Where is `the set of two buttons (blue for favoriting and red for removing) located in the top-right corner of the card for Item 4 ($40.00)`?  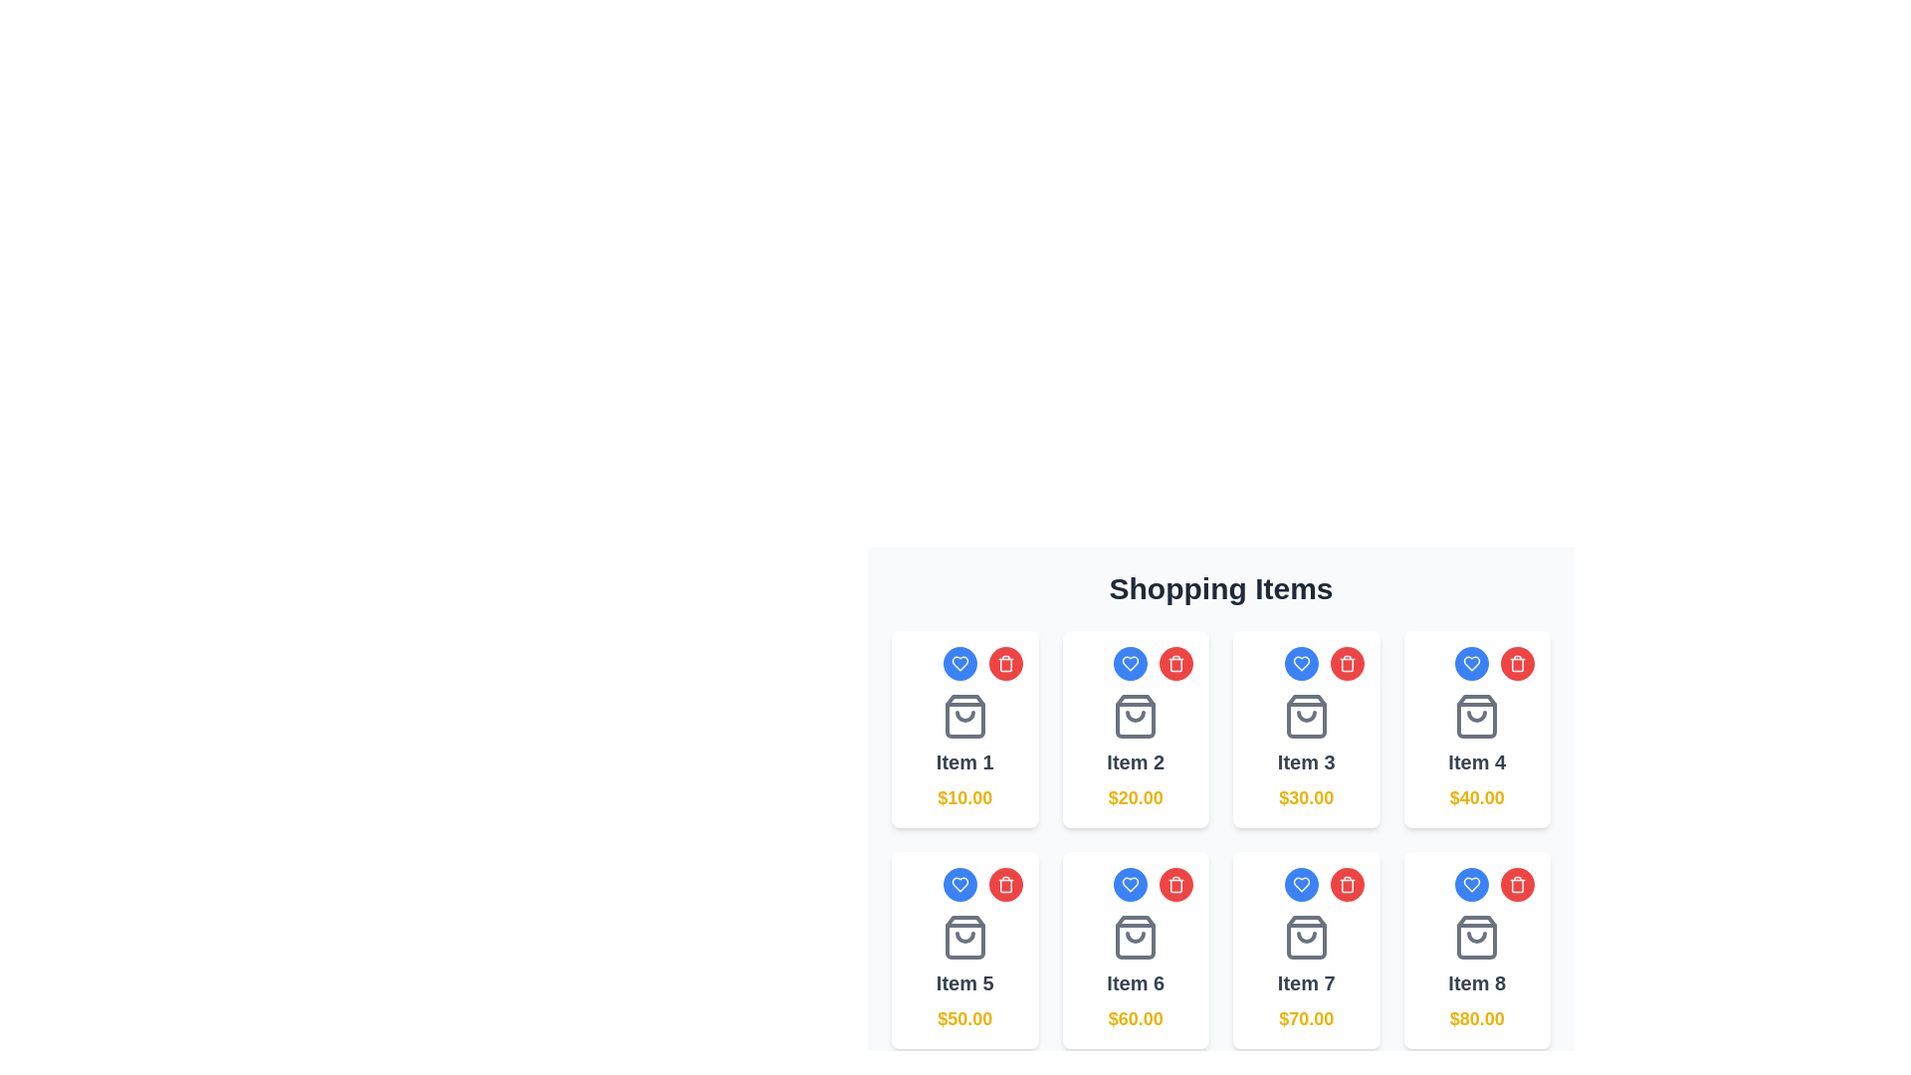
the set of two buttons (blue for favoriting and red for removing) located in the top-right corner of the card for Item 4 ($40.00) is located at coordinates (1477, 664).